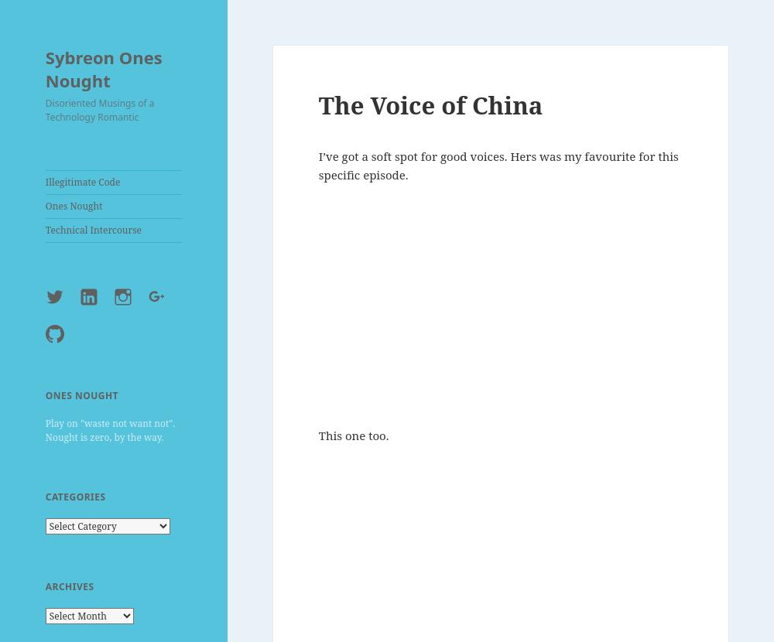  What do you see at coordinates (430, 104) in the screenshot?
I see `'The Voice of China'` at bounding box center [430, 104].